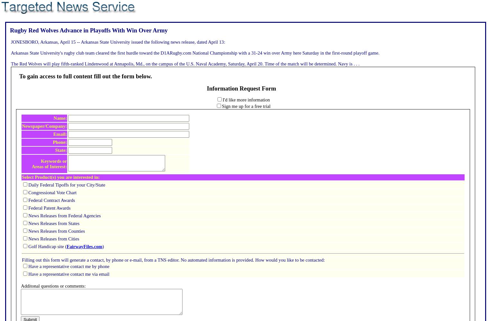  What do you see at coordinates (49, 166) in the screenshot?
I see `'Areas of Interest:'` at bounding box center [49, 166].